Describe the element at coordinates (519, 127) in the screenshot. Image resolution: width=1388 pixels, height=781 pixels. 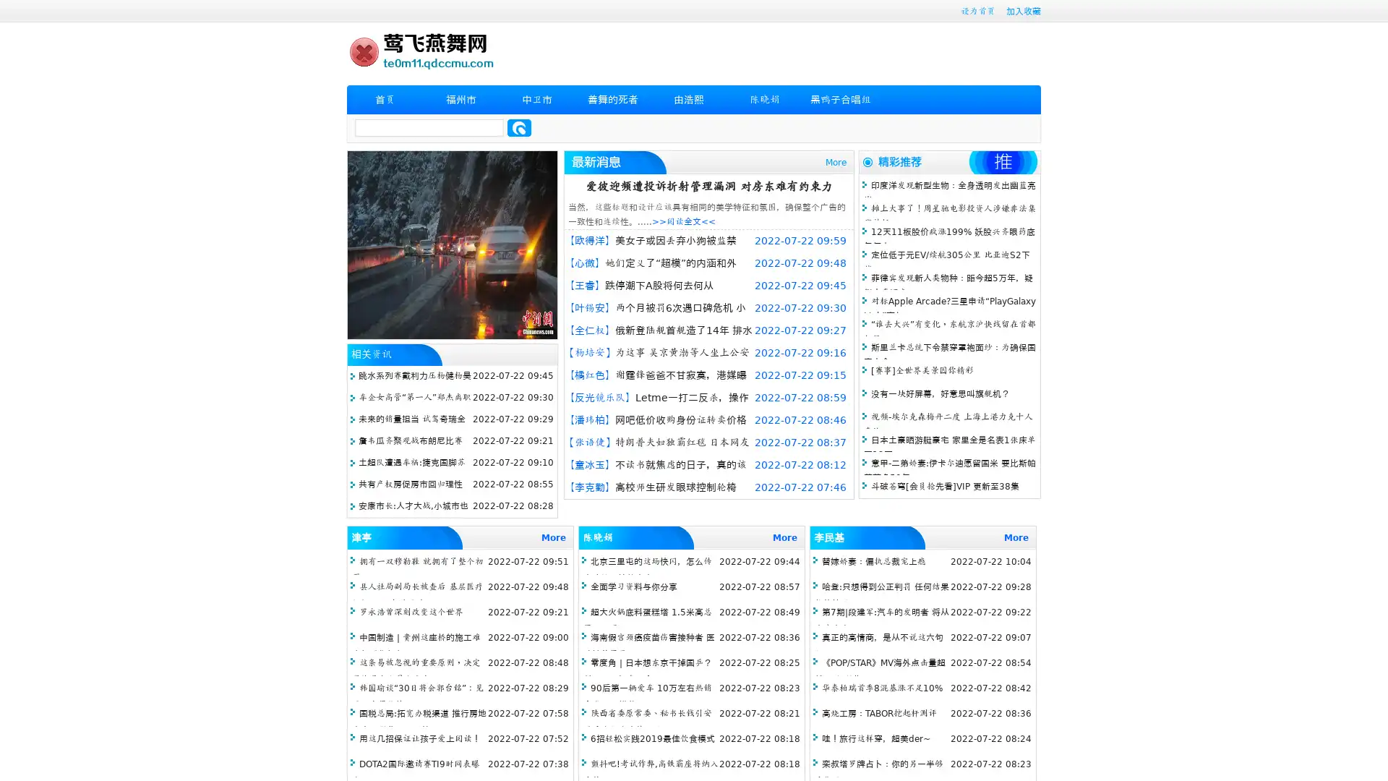
I see `Search` at that location.